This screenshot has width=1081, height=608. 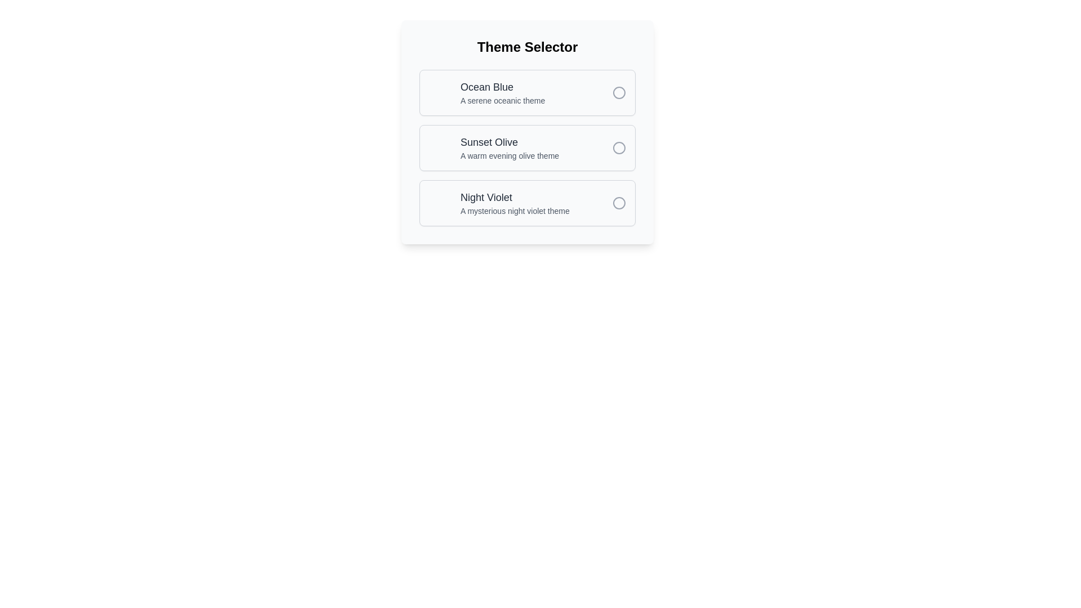 I want to click on the selectable list item titled 'Ocean Blue', so click(x=502, y=92).